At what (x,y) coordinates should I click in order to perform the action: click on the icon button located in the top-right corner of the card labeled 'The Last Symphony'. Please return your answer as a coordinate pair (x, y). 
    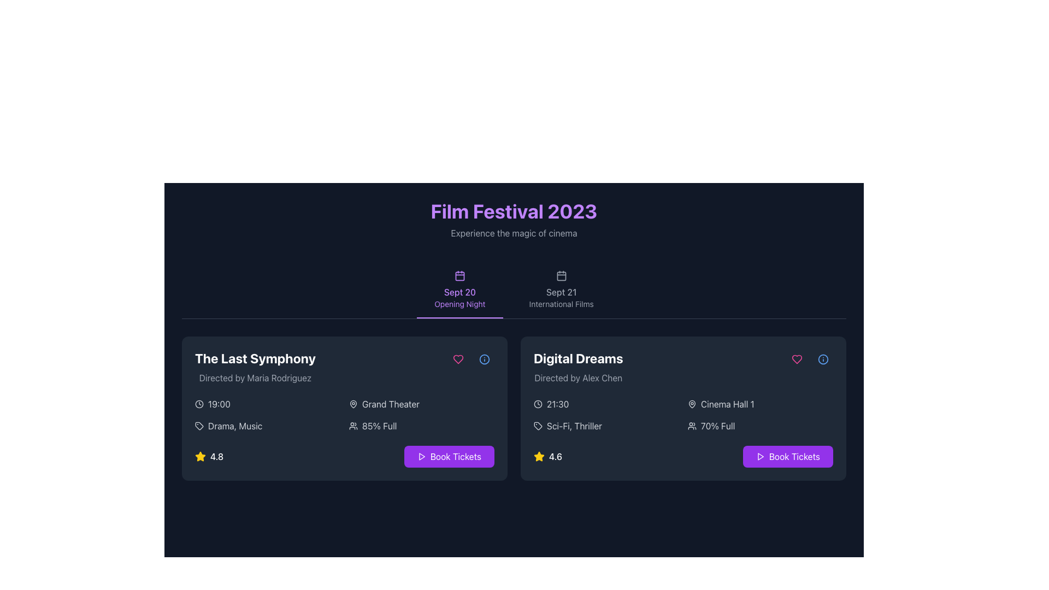
    Looking at the image, I should click on (484, 359).